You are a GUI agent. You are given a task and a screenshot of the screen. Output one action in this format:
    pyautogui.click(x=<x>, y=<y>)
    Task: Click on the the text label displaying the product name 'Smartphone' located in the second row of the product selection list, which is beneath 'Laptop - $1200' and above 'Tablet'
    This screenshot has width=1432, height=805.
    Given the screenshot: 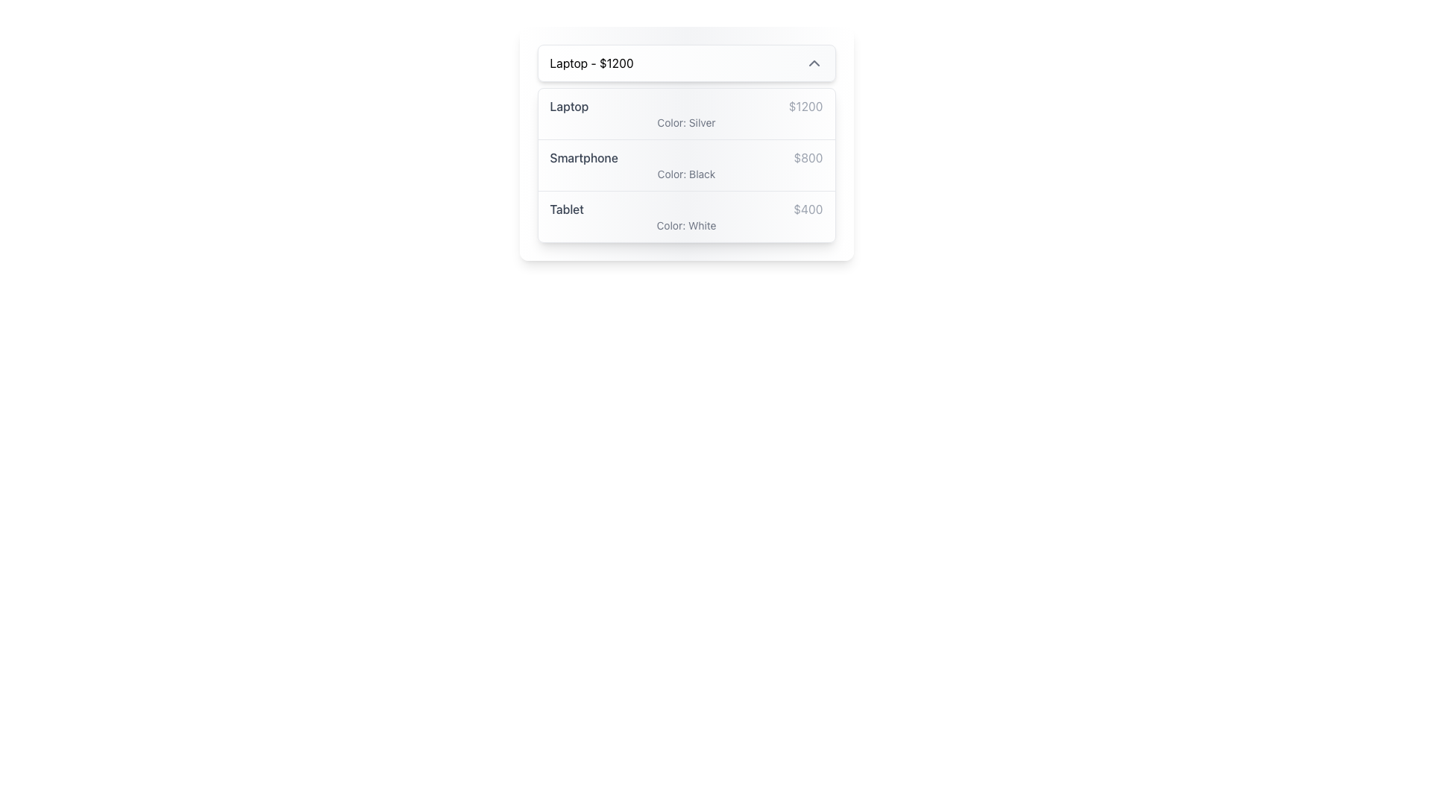 What is the action you would take?
    pyautogui.click(x=583, y=158)
    